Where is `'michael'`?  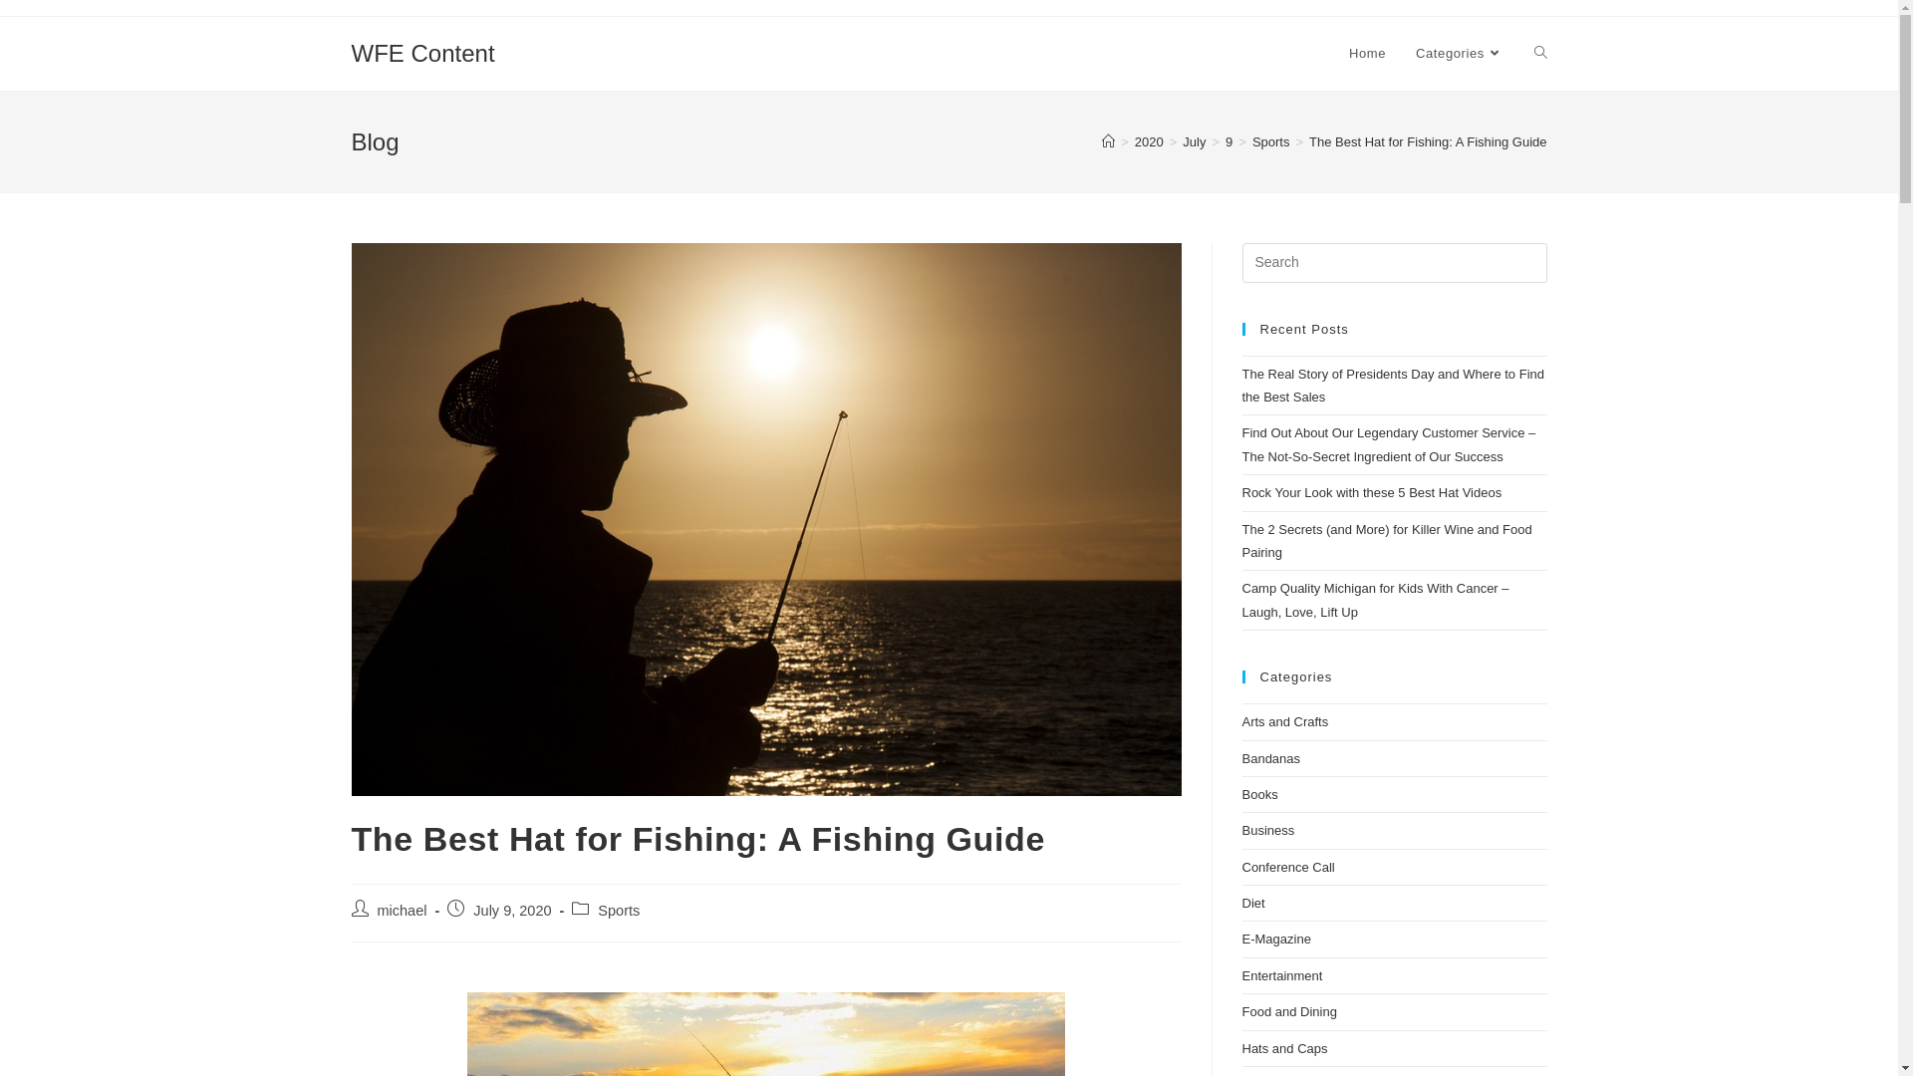
'michael' is located at coordinates (377, 911).